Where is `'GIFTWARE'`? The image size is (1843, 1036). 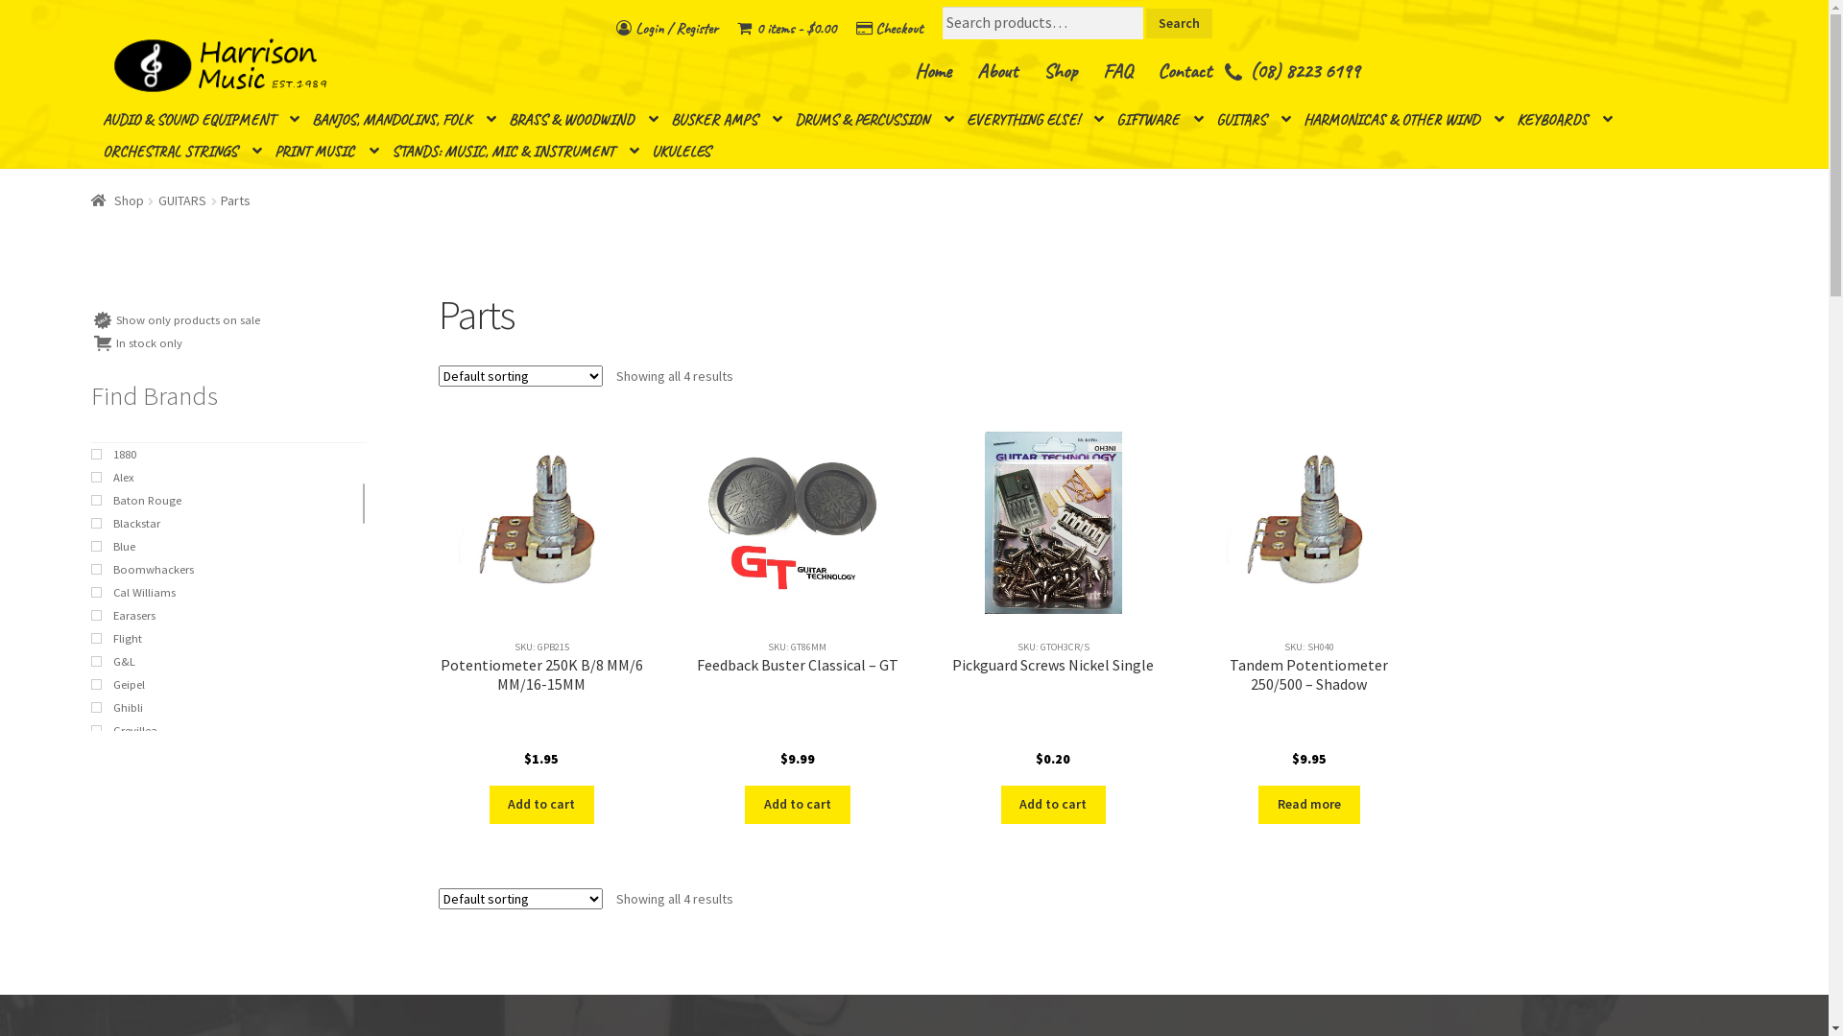
'GIFTWARE' is located at coordinates (1159, 120).